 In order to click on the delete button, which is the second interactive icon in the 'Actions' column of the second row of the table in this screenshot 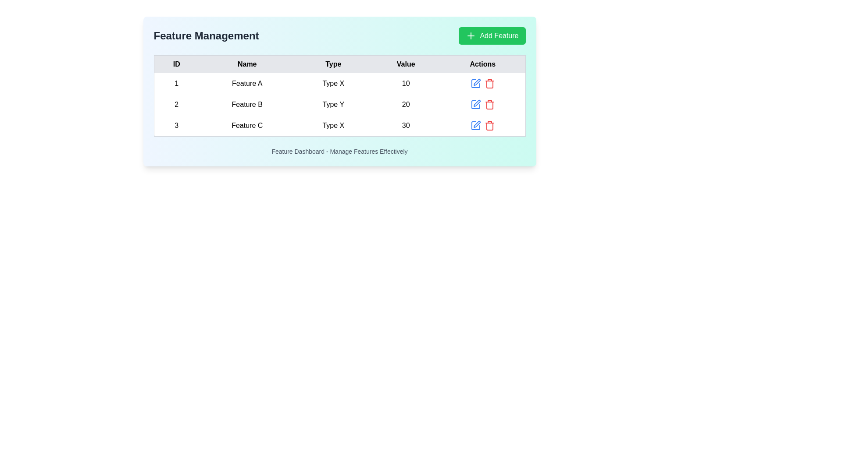, I will do `click(489, 104)`.